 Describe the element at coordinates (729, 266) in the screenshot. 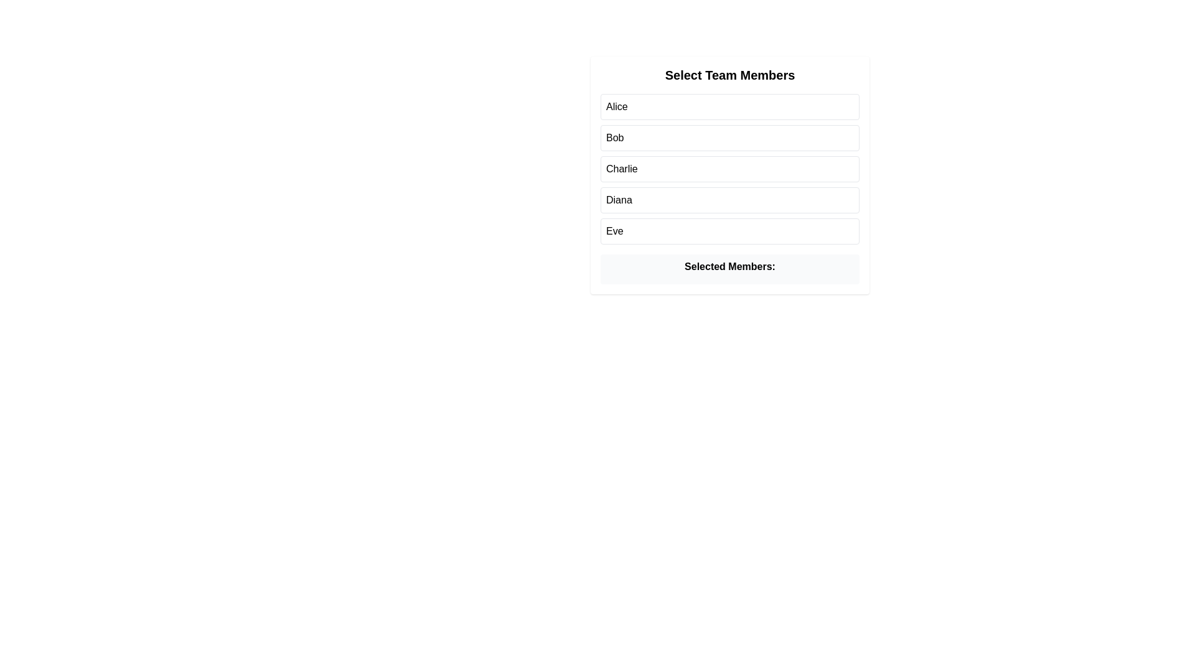

I see `the Text Label indicating 'Selected Members', located directly below the last selectable member labeled 'Eve'` at that location.